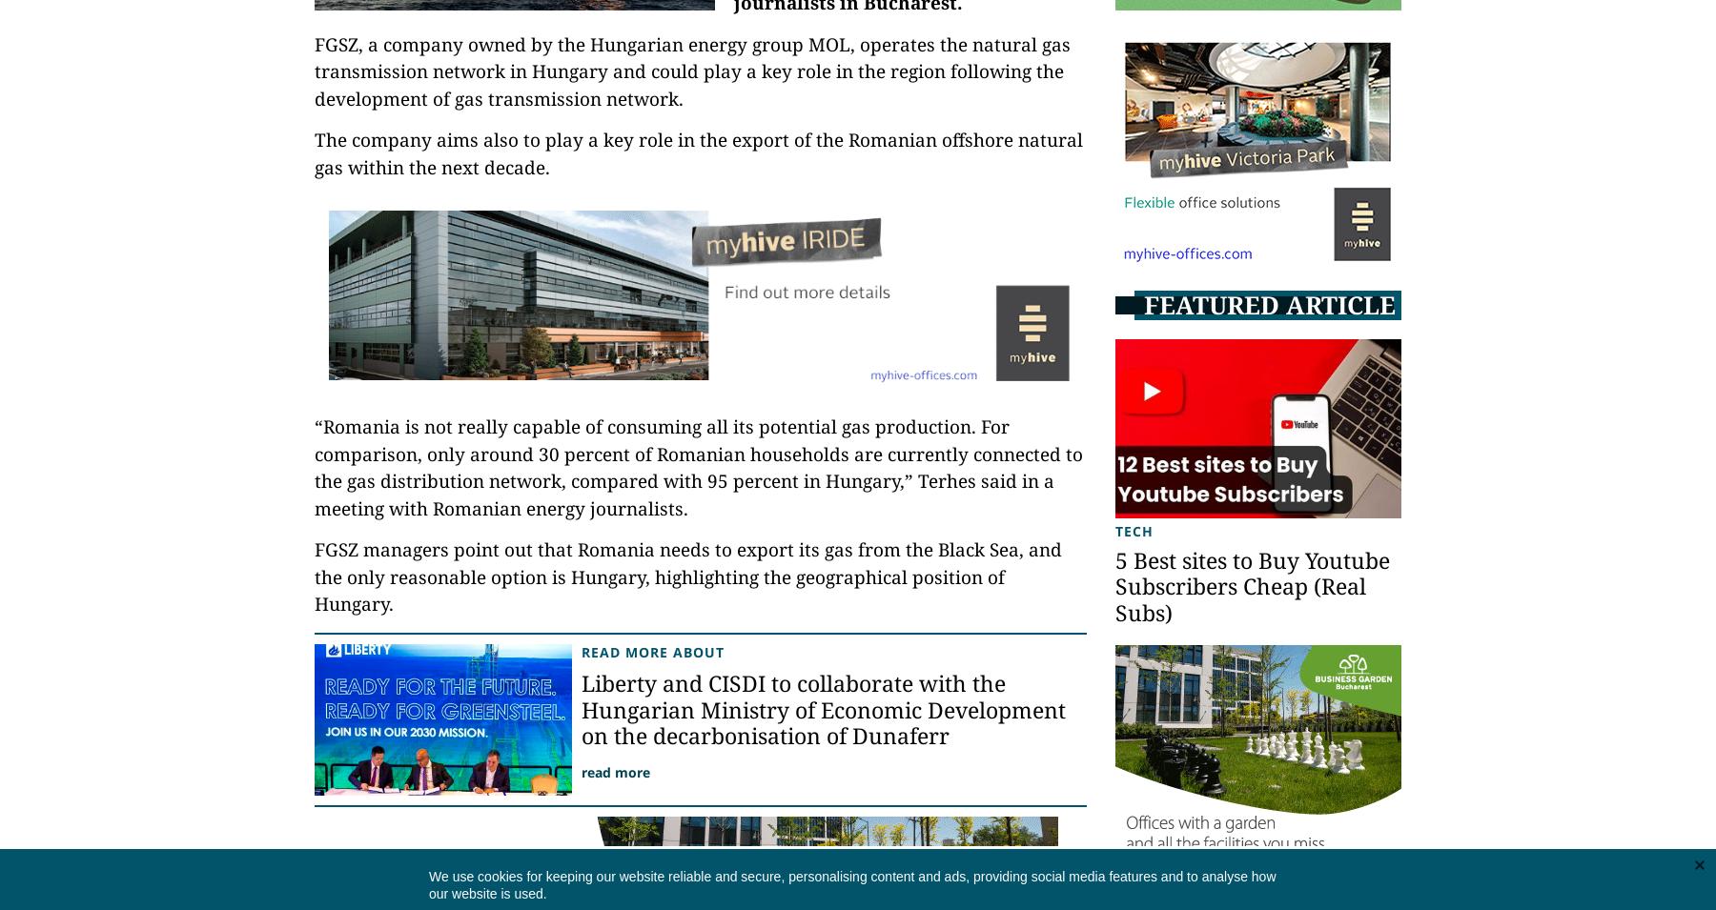 Image resolution: width=1716 pixels, height=910 pixels. Describe the element at coordinates (822, 708) in the screenshot. I see `'Liberty and CISDI to collaborate with the Hungarian Ministry of Economic Development on the decarbonisation of Dunaferr'` at that location.